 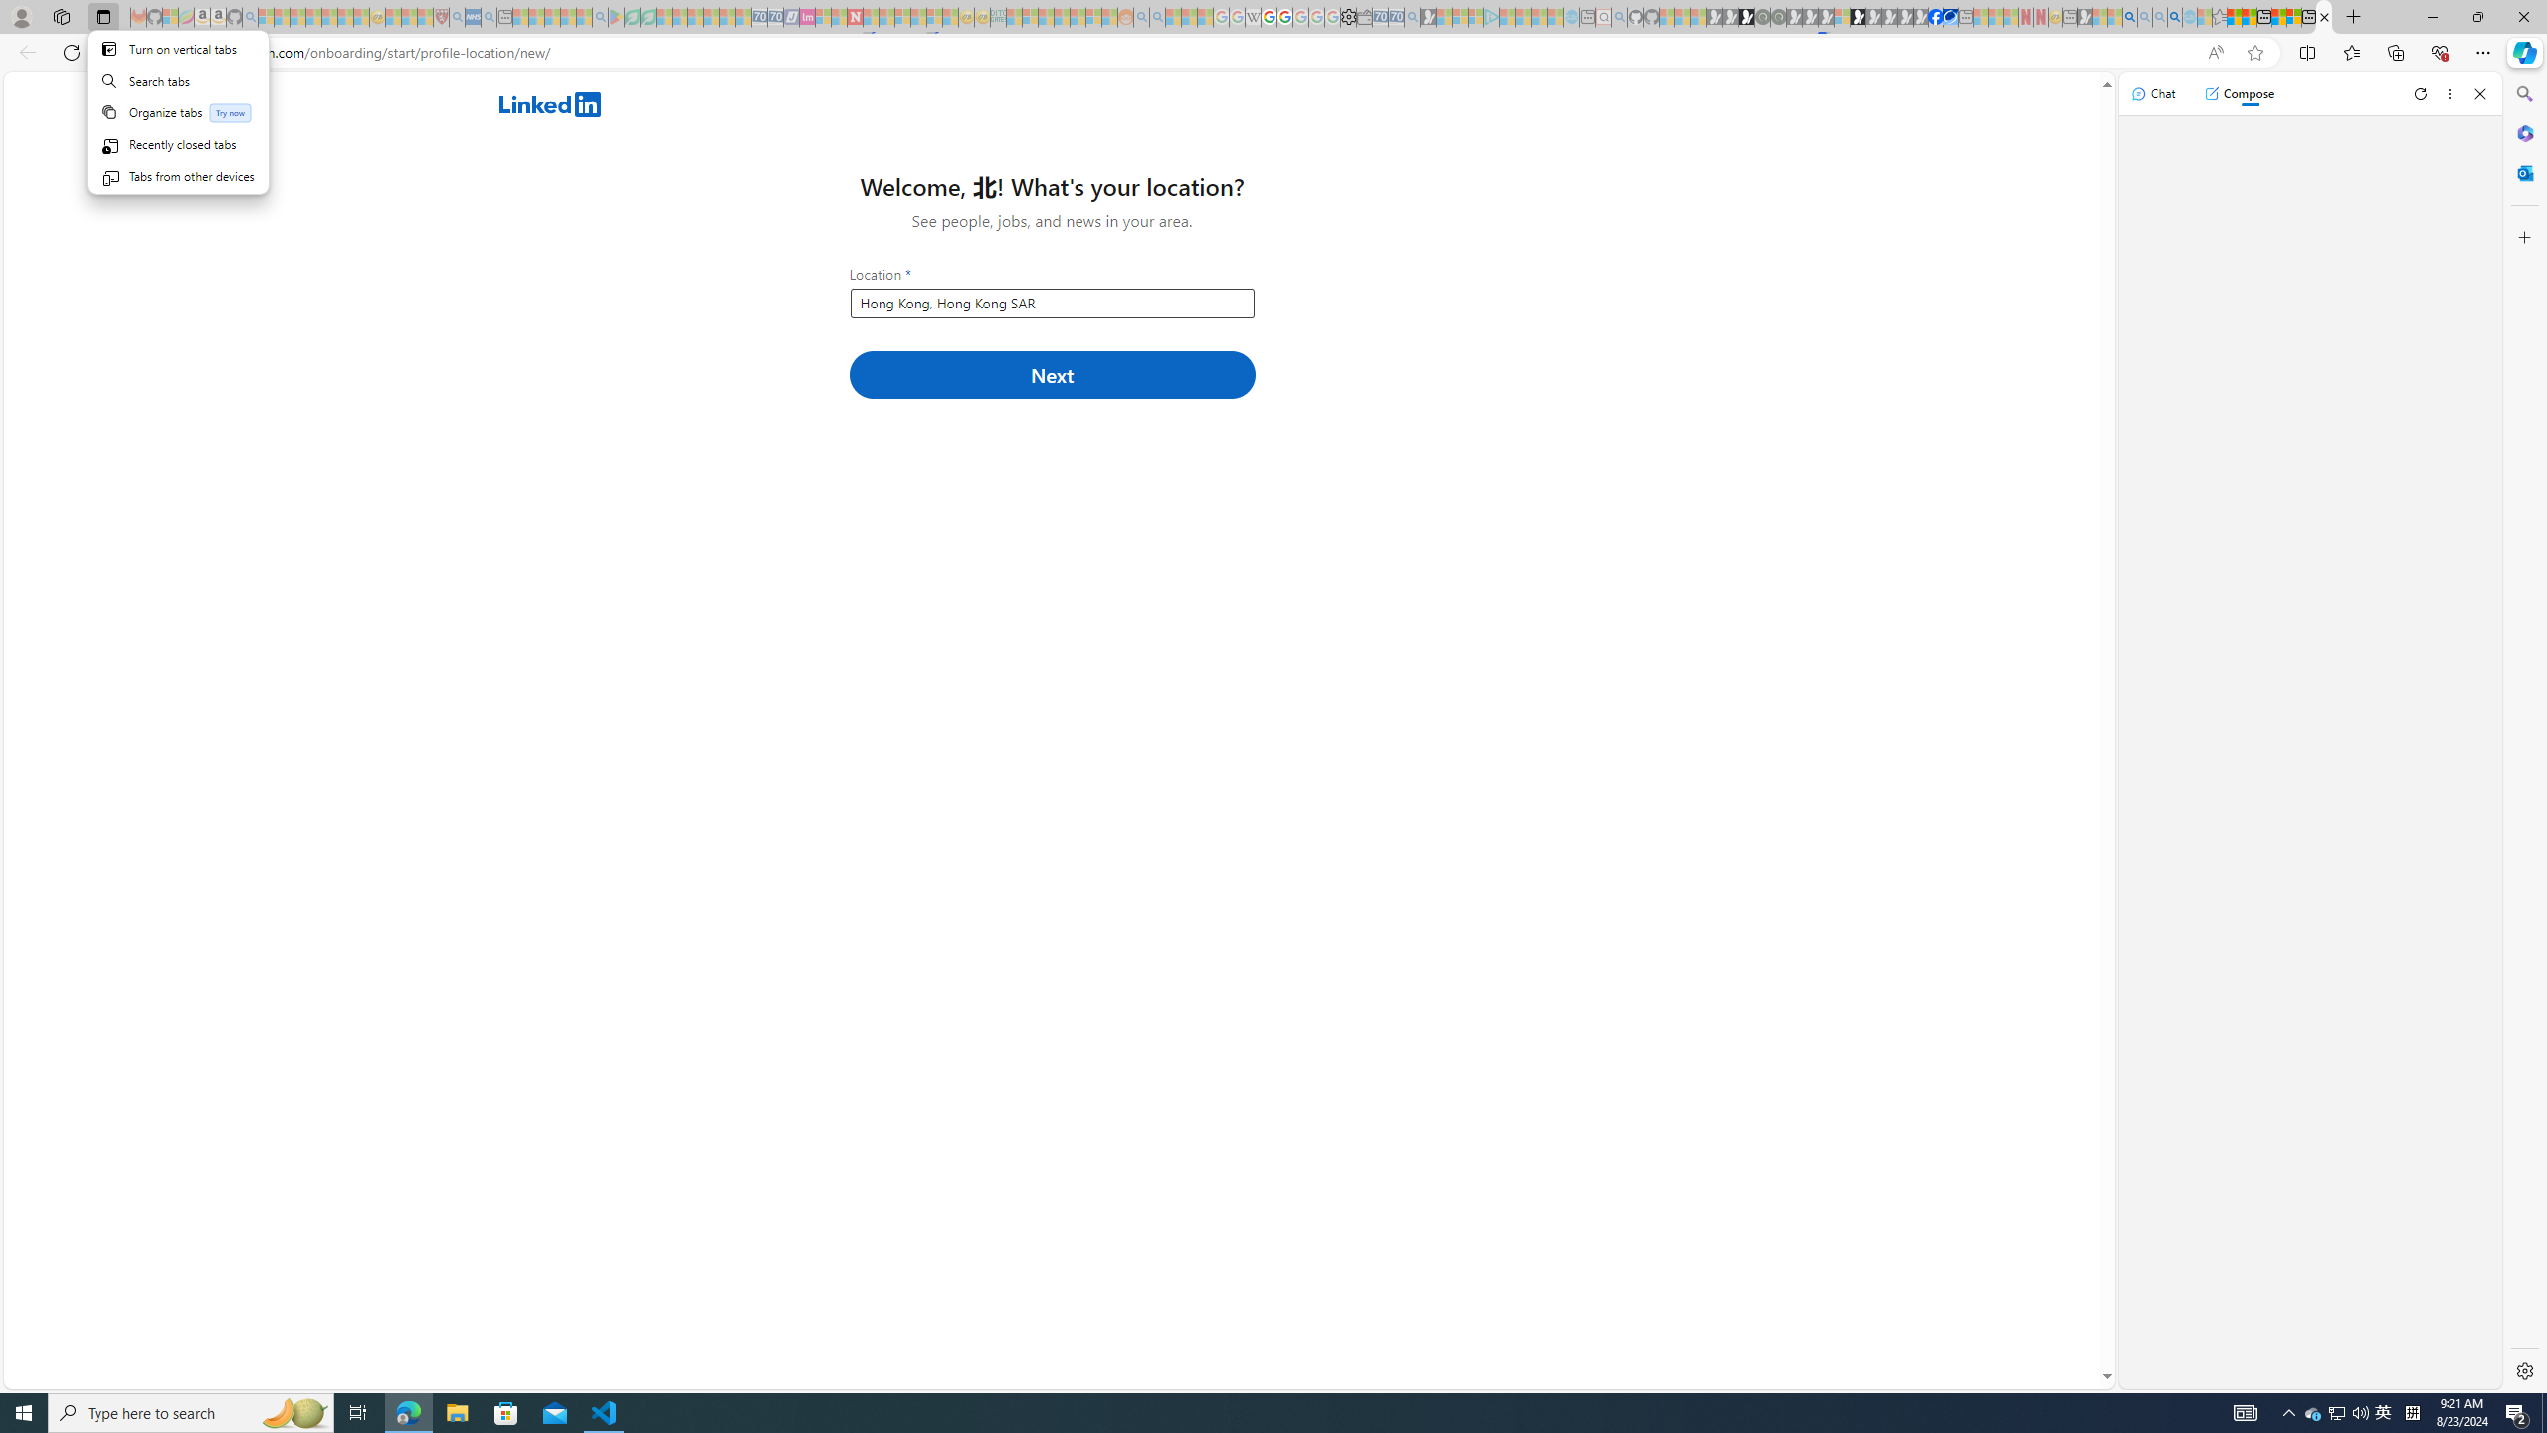 I want to click on 'Kinda Frugal - MSN - Sleeping', so click(x=1078, y=16).